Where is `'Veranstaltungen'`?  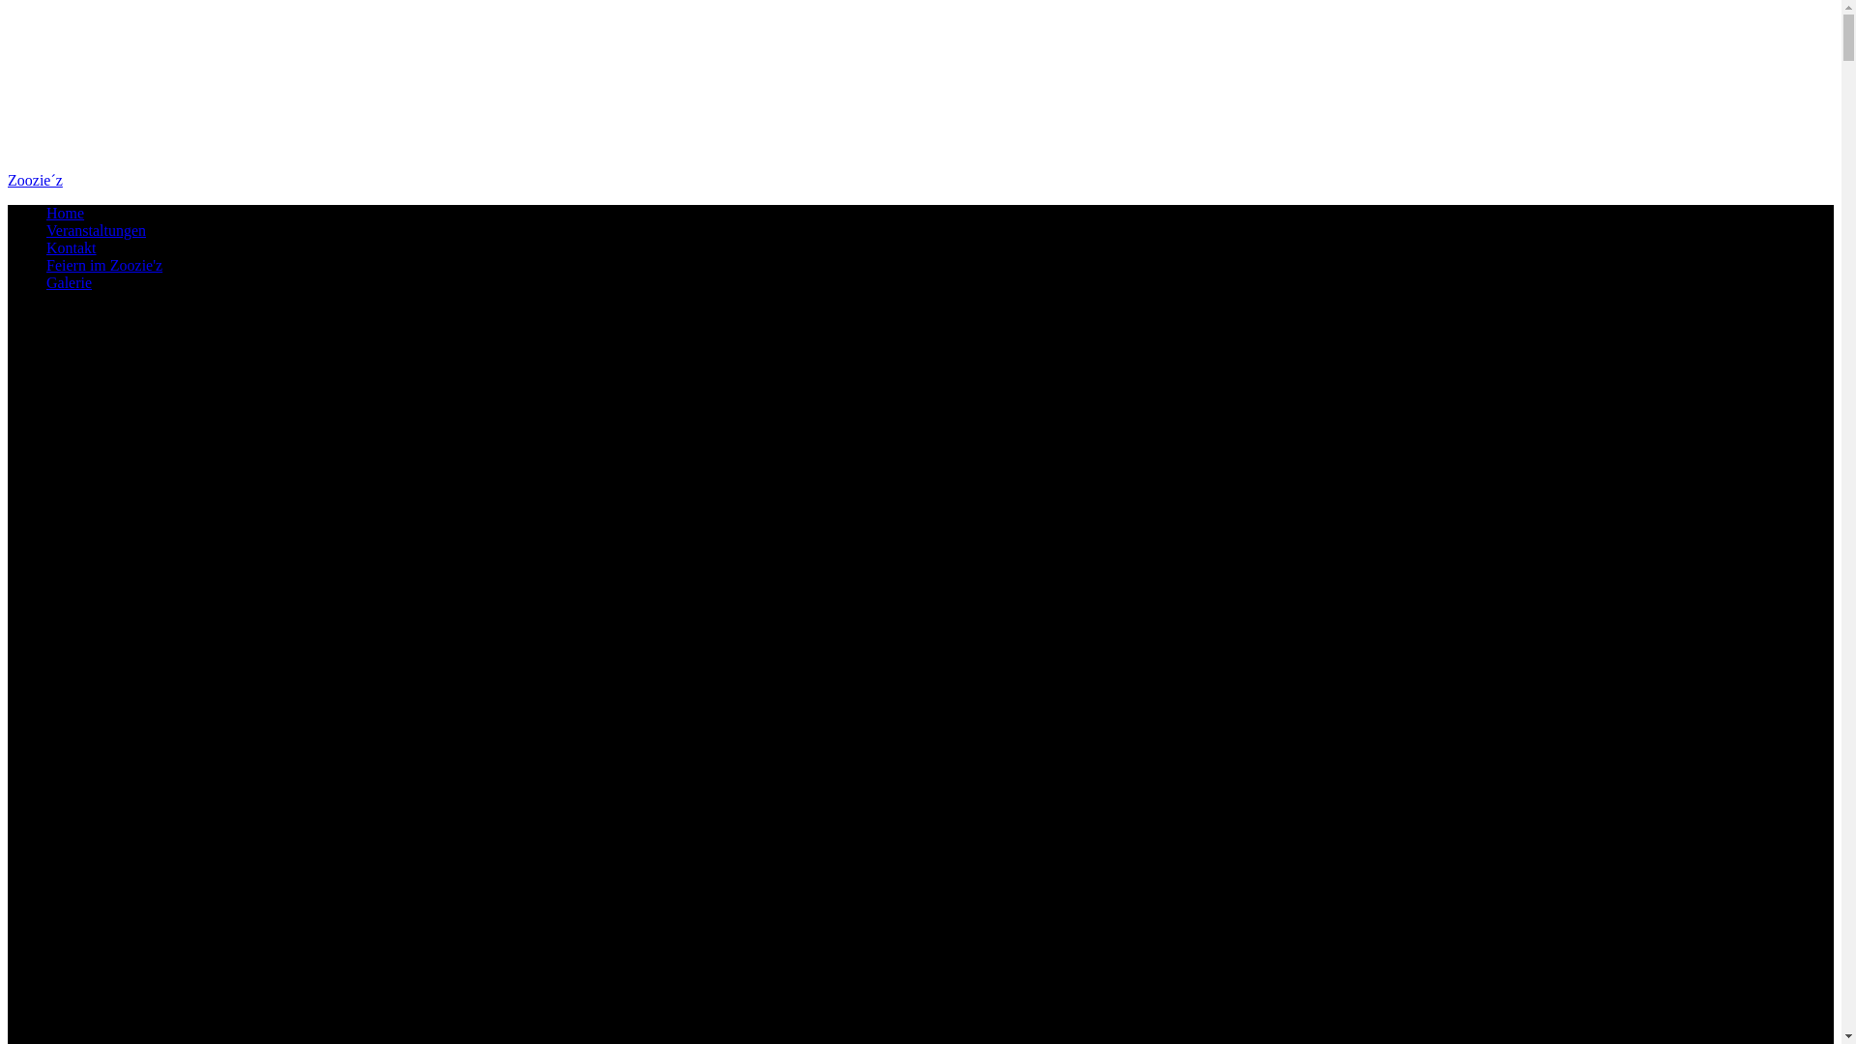
'Veranstaltungen' is located at coordinates (95, 229).